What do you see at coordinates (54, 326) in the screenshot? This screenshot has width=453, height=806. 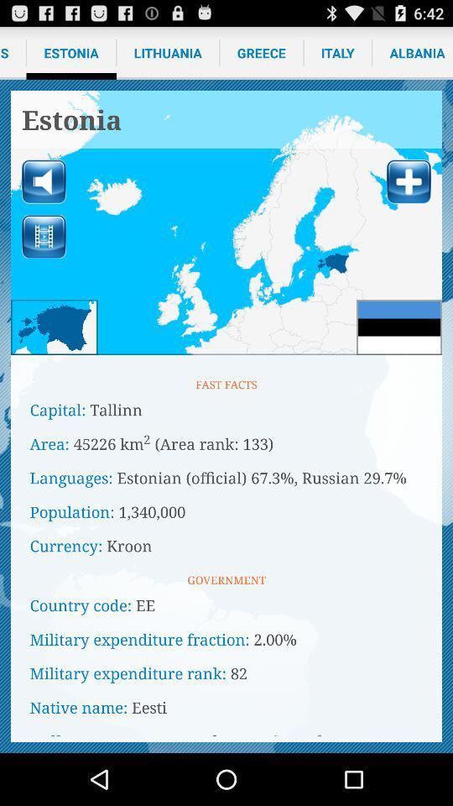 I see `mini-map` at bounding box center [54, 326].